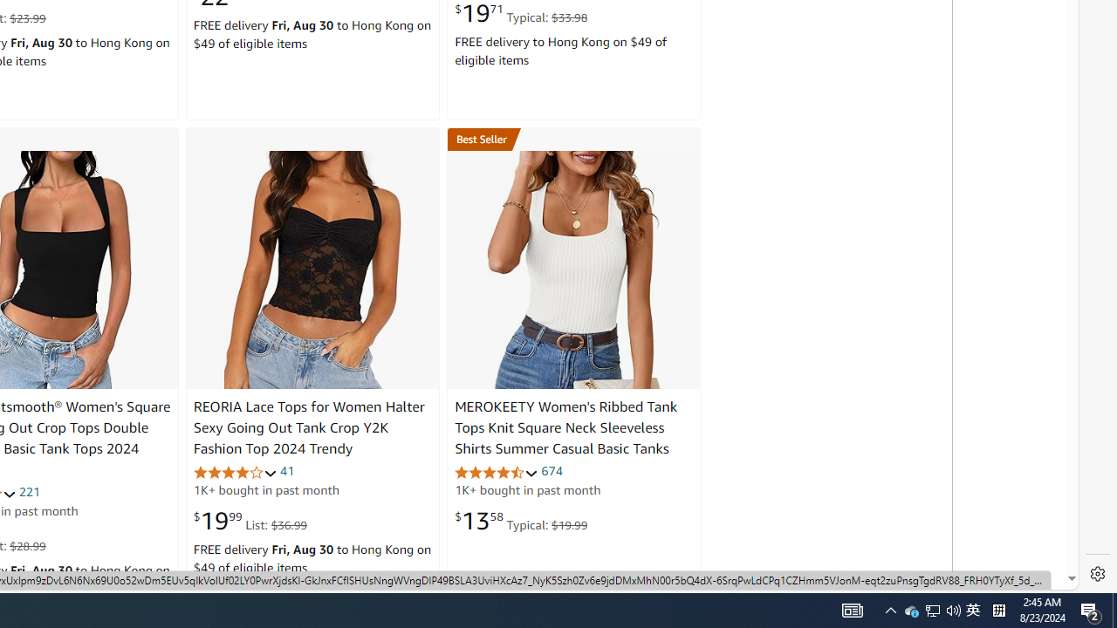  Describe the element at coordinates (234, 472) in the screenshot. I see `'4.0 out of 5 stars'` at that location.